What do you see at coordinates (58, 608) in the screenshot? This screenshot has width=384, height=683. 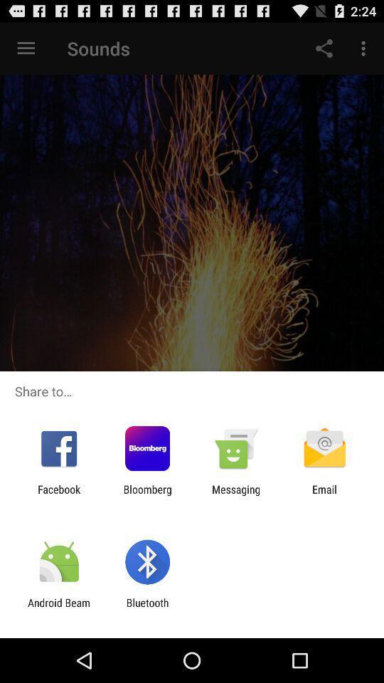 I see `item to the left of bluetooth icon` at bounding box center [58, 608].